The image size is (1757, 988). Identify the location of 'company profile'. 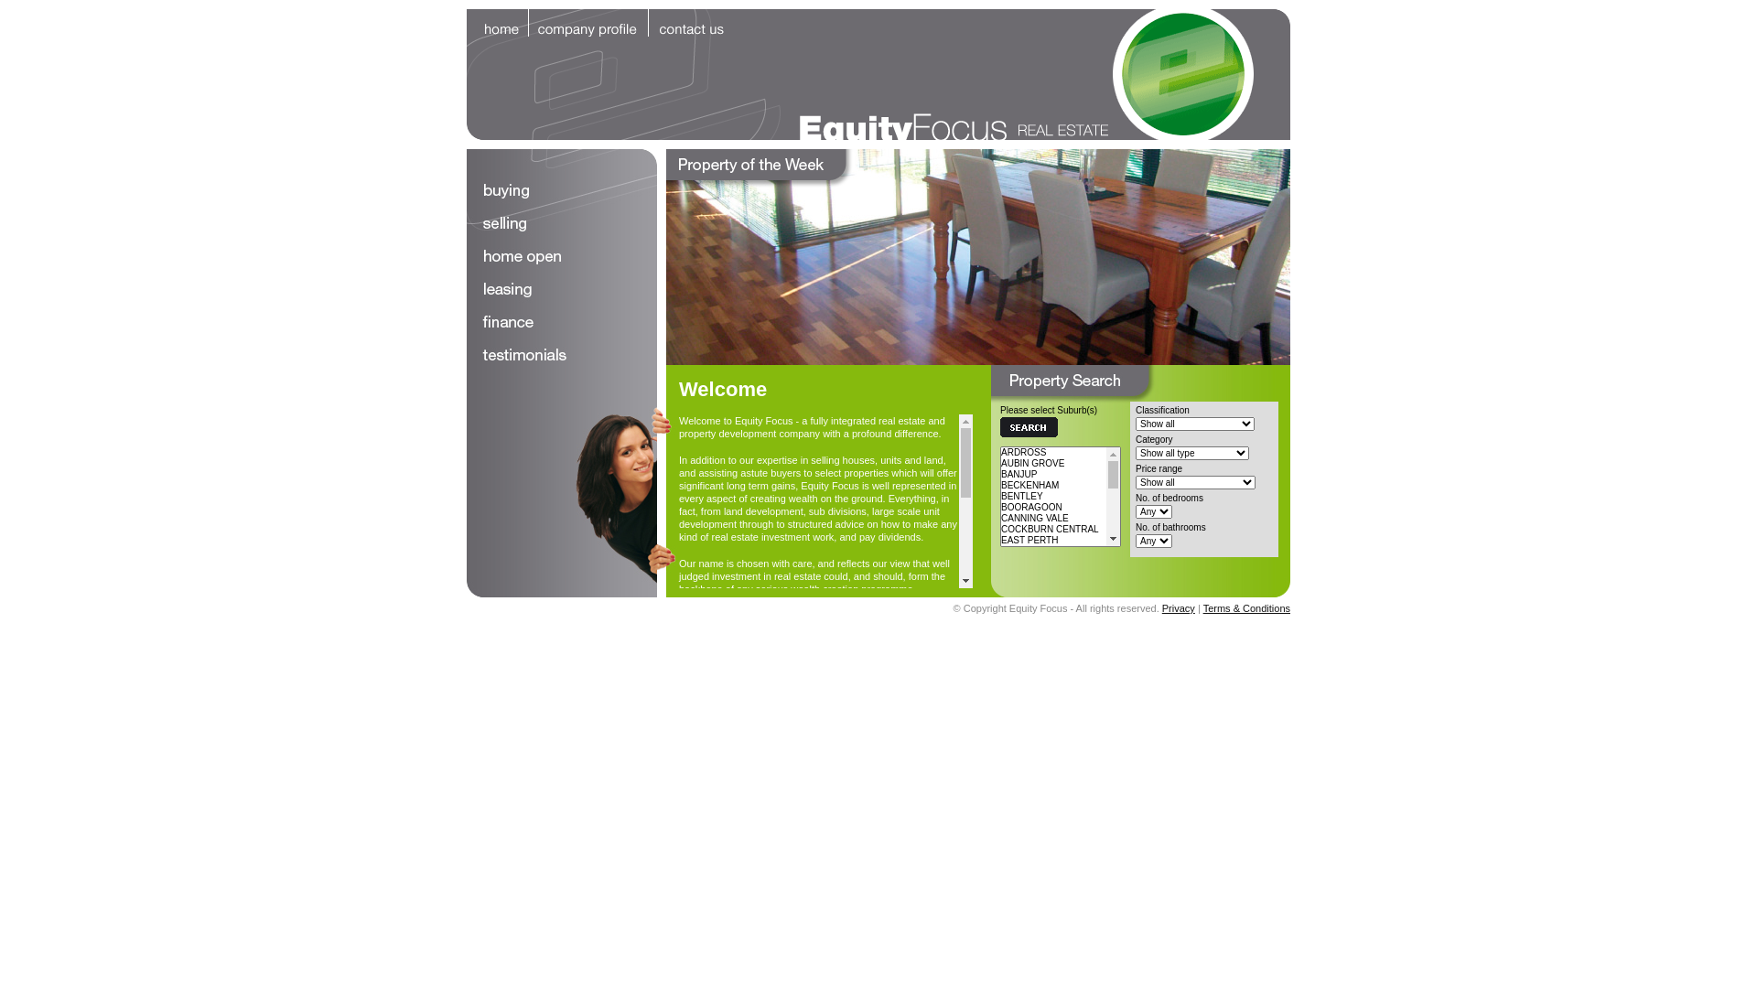
(588, 22).